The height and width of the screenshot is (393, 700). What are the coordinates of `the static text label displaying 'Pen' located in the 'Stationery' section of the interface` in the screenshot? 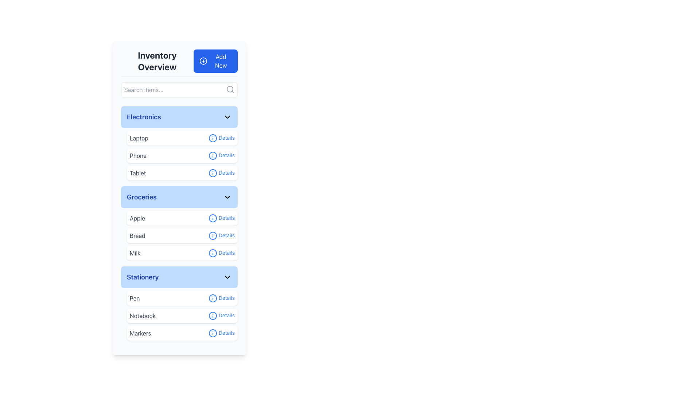 It's located at (135, 298).